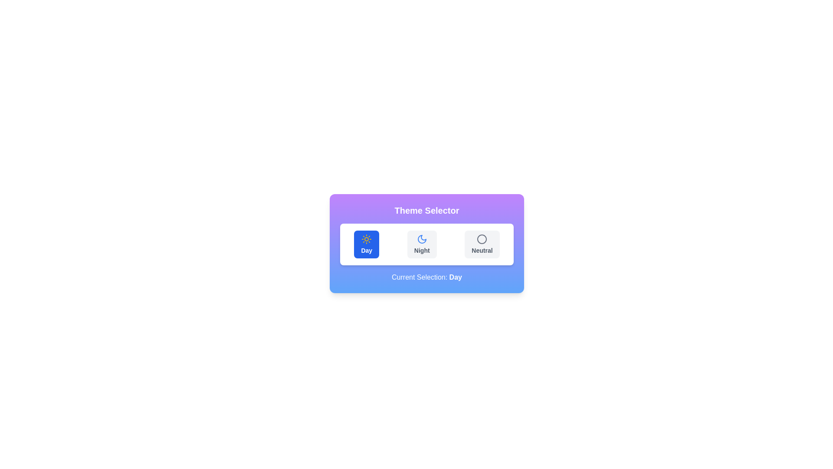 The width and height of the screenshot is (833, 469). What do you see at coordinates (422, 244) in the screenshot?
I see `the second button in the theme selector interface` at bounding box center [422, 244].